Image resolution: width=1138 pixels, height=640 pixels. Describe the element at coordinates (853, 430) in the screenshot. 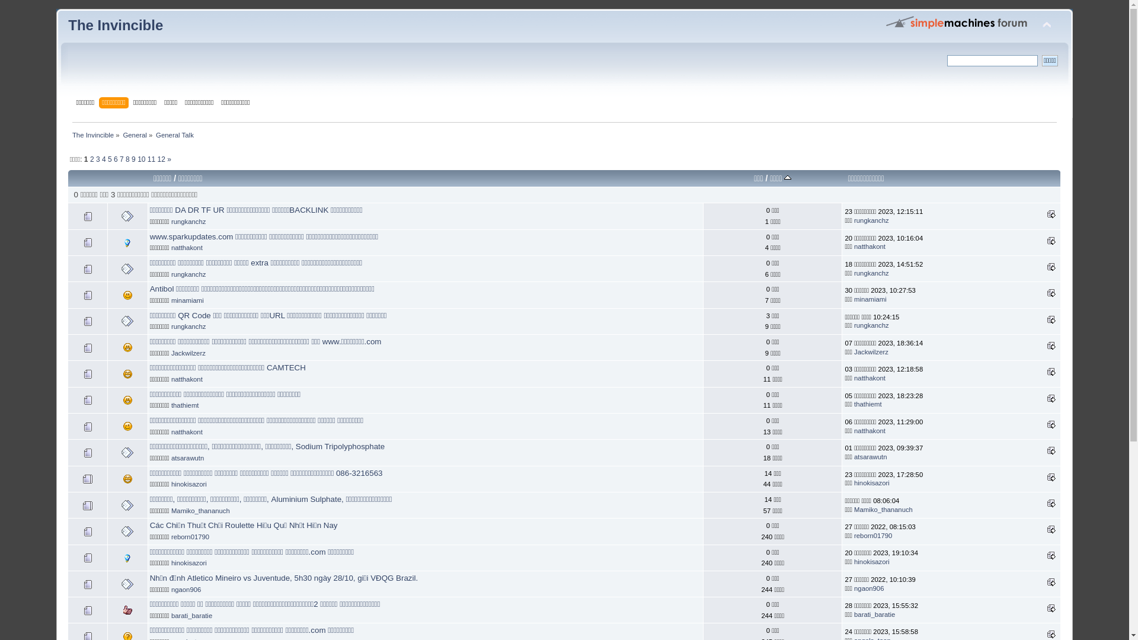

I see `'natthakont'` at that location.